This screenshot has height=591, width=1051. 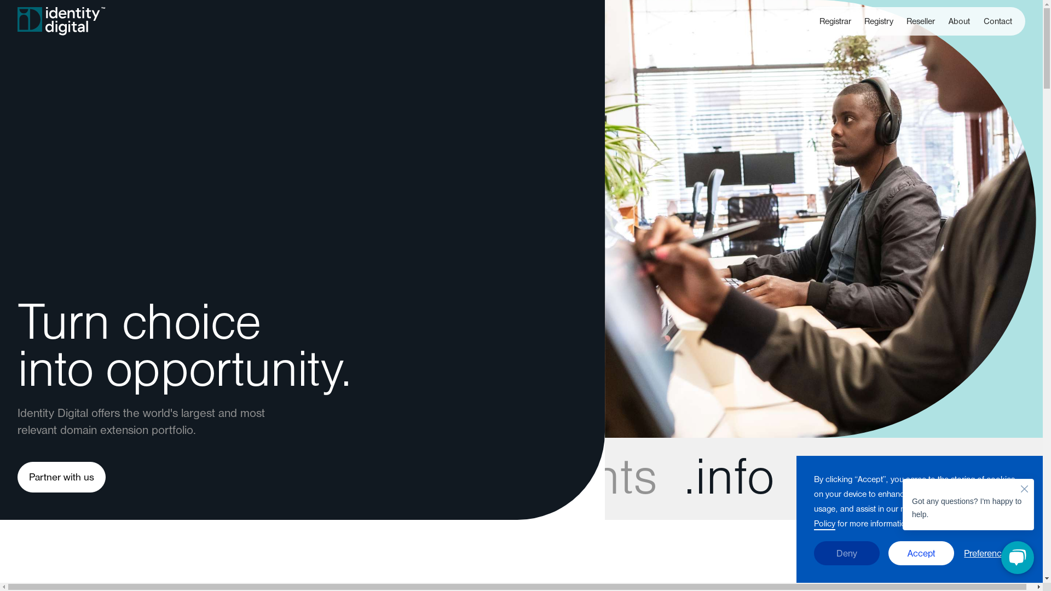 What do you see at coordinates (835, 22) in the screenshot?
I see `'Registrar'` at bounding box center [835, 22].